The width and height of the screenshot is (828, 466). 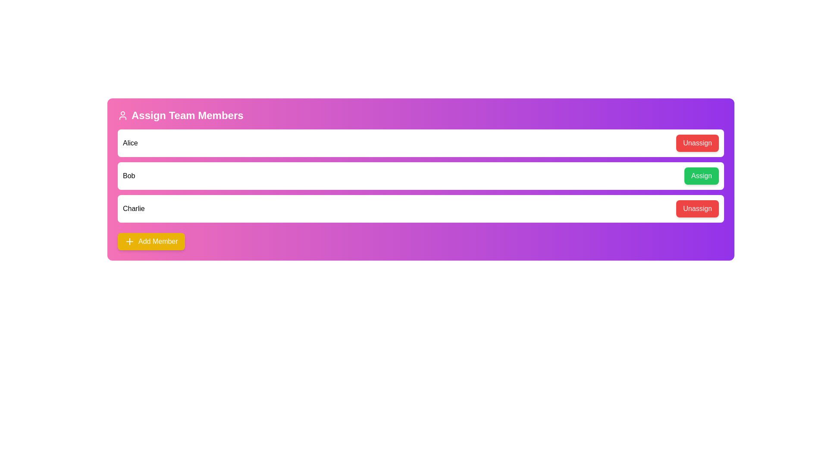 What do you see at coordinates (122, 115) in the screenshot?
I see `the user avatar icon, which is a simplified silhouette of a person within a circular frame, positioned to the left of the title 'Assign Team Members'` at bounding box center [122, 115].